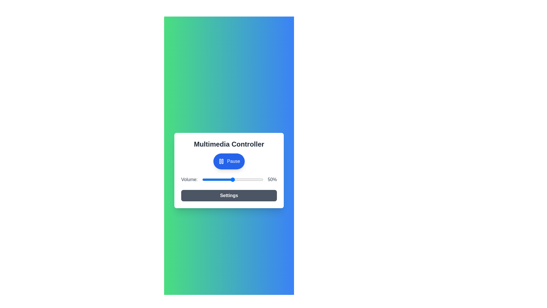  What do you see at coordinates (205, 179) in the screenshot?
I see `the volume` at bounding box center [205, 179].